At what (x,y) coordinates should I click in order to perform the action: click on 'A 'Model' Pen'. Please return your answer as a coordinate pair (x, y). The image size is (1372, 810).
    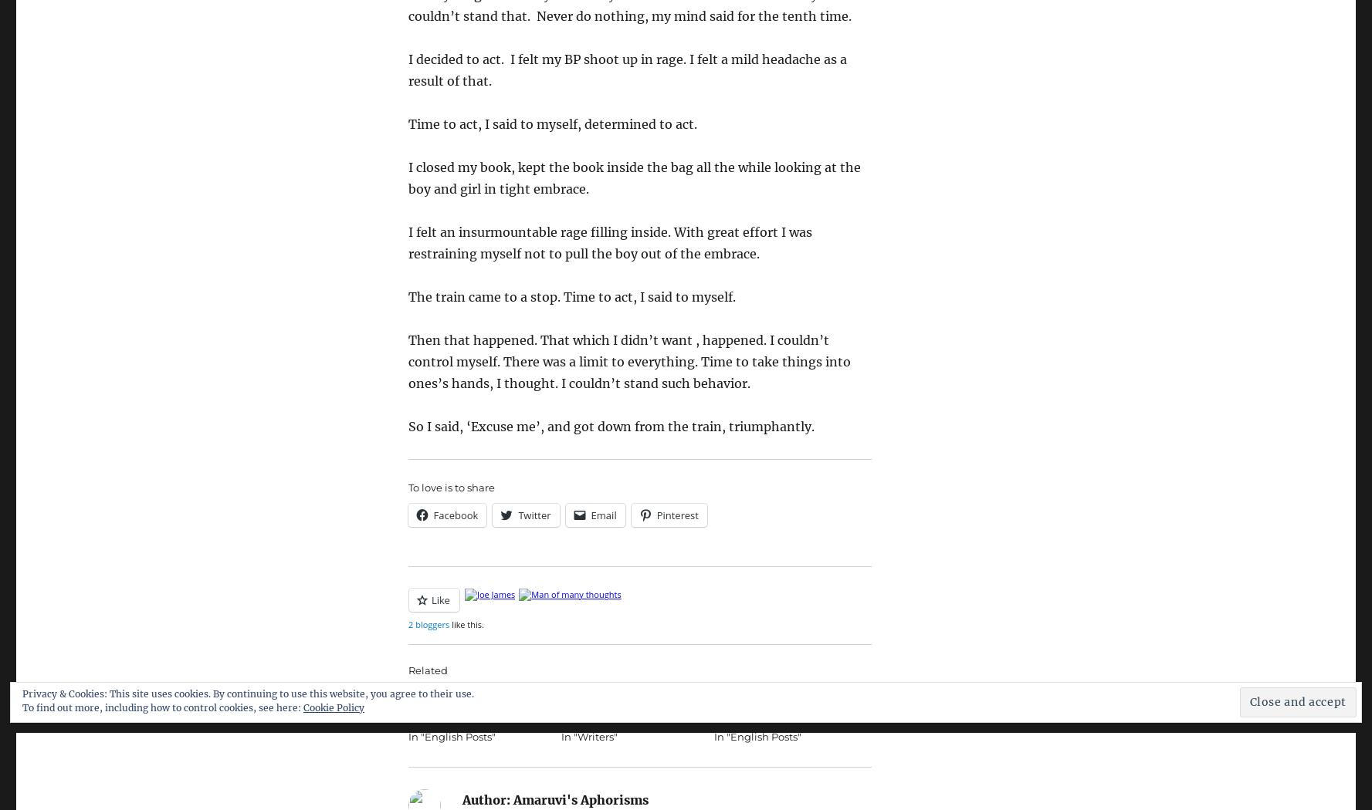
    Looking at the image, I should click on (713, 694).